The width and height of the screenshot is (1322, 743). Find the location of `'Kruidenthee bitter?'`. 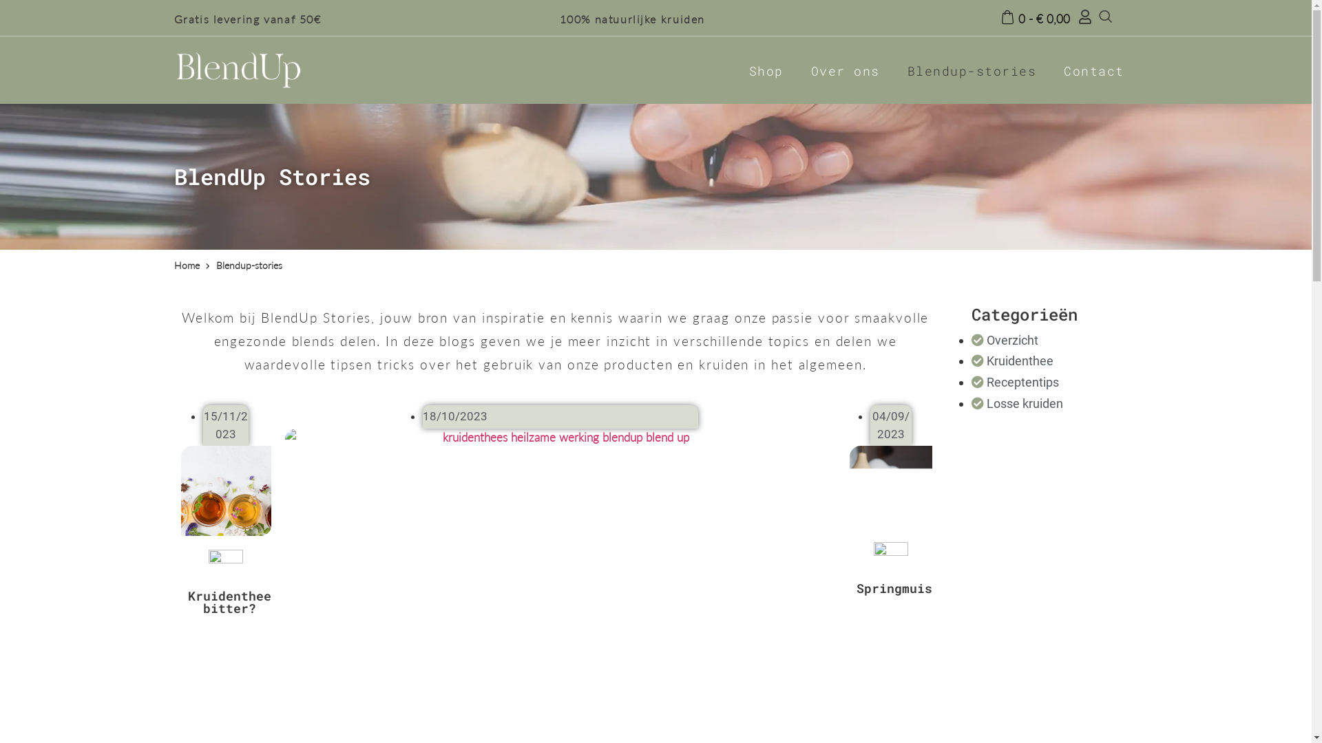

'Kruidenthee bitter?' is located at coordinates (229, 601).